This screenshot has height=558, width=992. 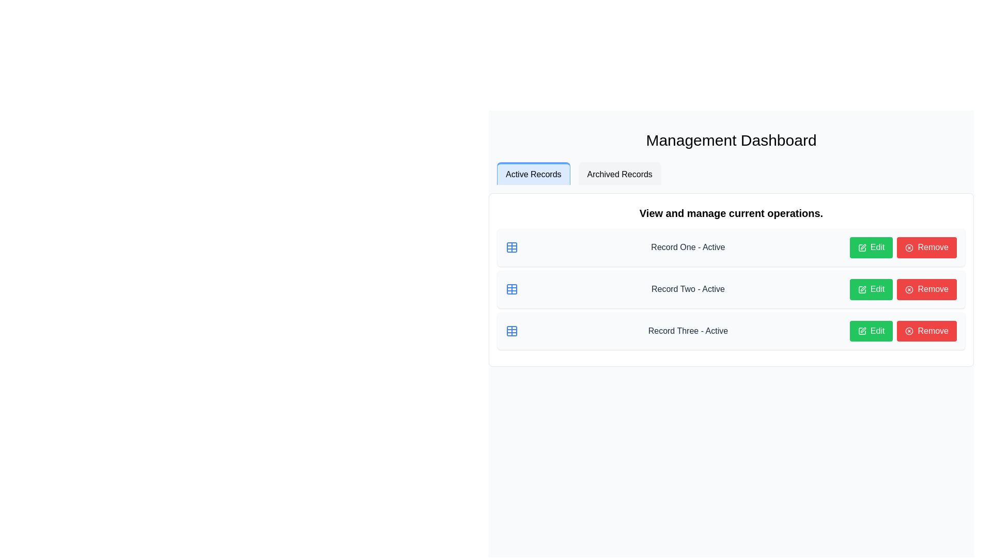 I want to click on the blue square-shaped icon with rounded corners that represents a table or grid, located in the first record entry under 'Active Records', so click(x=512, y=247).